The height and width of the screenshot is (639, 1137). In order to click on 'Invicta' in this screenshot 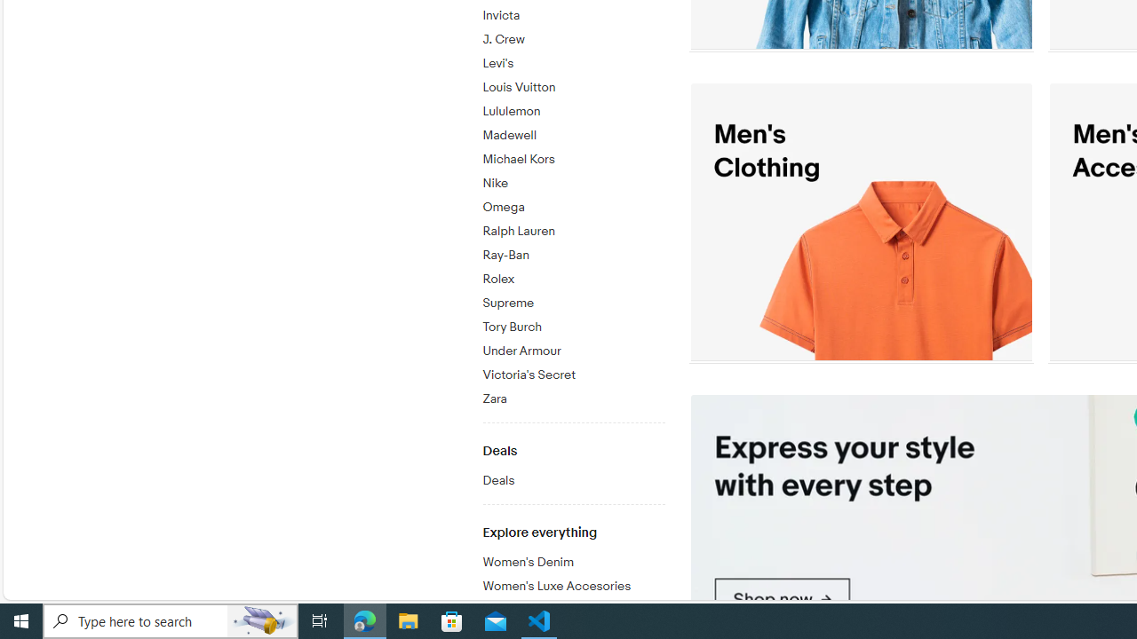, I will do `click(573, 12)`.